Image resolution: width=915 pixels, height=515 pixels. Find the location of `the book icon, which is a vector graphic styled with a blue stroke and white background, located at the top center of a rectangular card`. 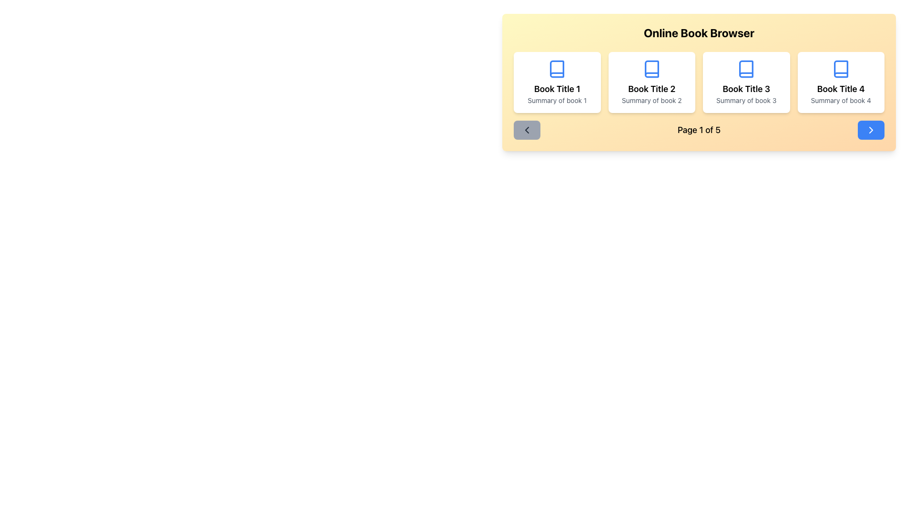

the book icon, which is a vector graphic styled with a blue stroke and white background, located at the top center of a rectangular card is located at coordinates (651, 69).